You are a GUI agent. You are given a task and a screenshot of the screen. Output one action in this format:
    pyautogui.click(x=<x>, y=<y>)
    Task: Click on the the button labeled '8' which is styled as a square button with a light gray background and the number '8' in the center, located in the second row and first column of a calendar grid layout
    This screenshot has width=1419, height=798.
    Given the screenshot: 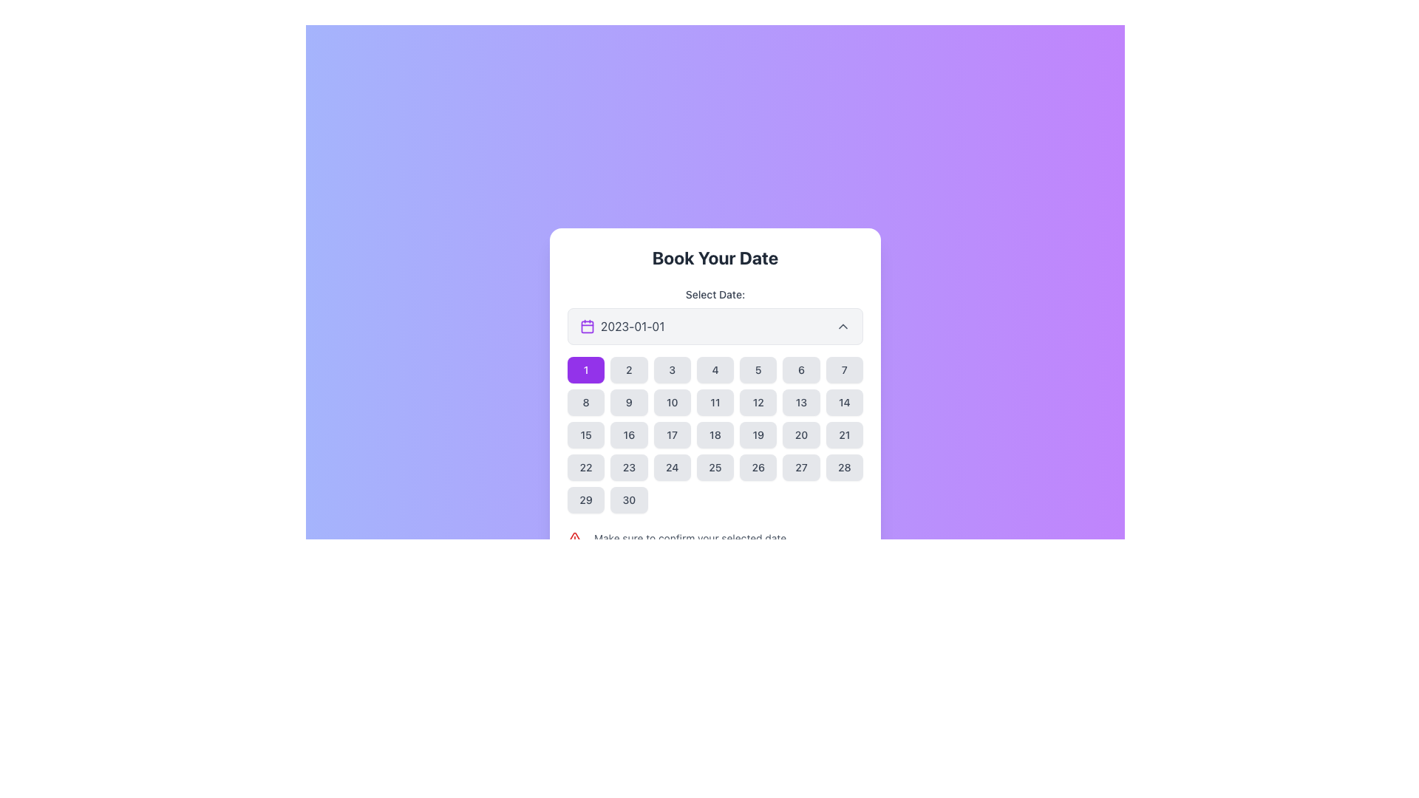 What is the action you would take?
    pyautogui.click(x=585, y=402)
    